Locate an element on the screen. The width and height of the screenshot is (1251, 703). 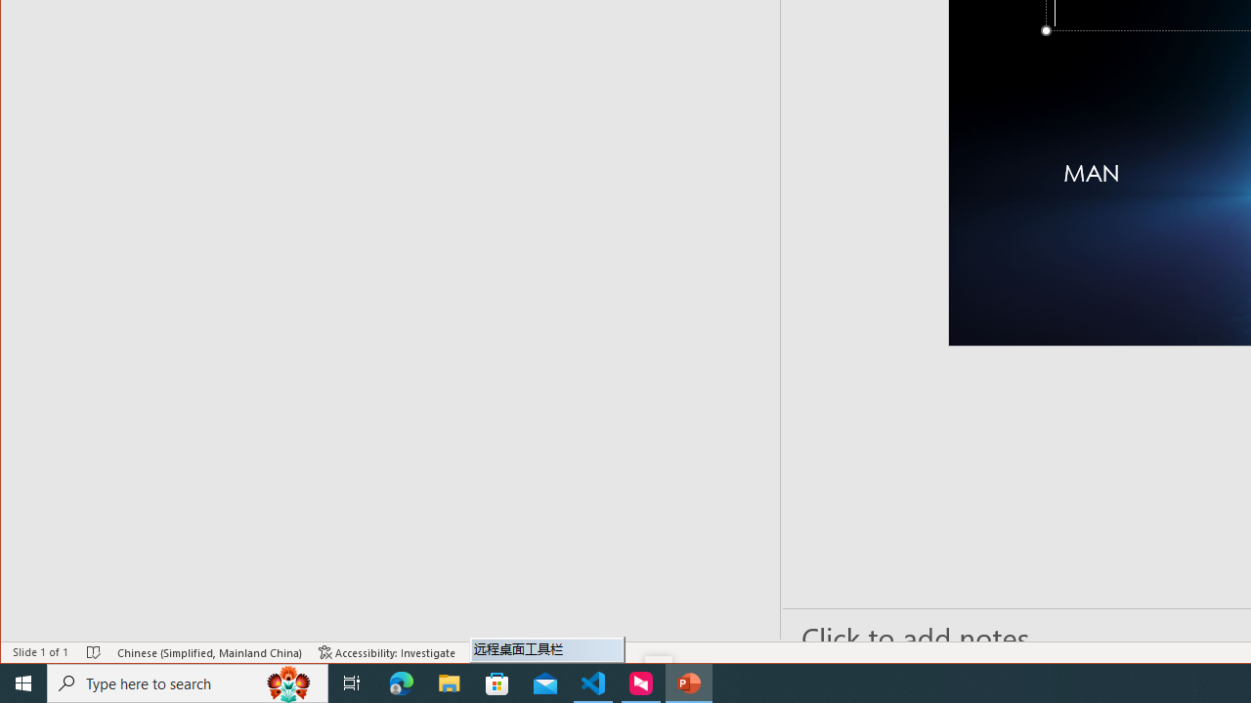
'Task View' is located at coordinates (351, 682).